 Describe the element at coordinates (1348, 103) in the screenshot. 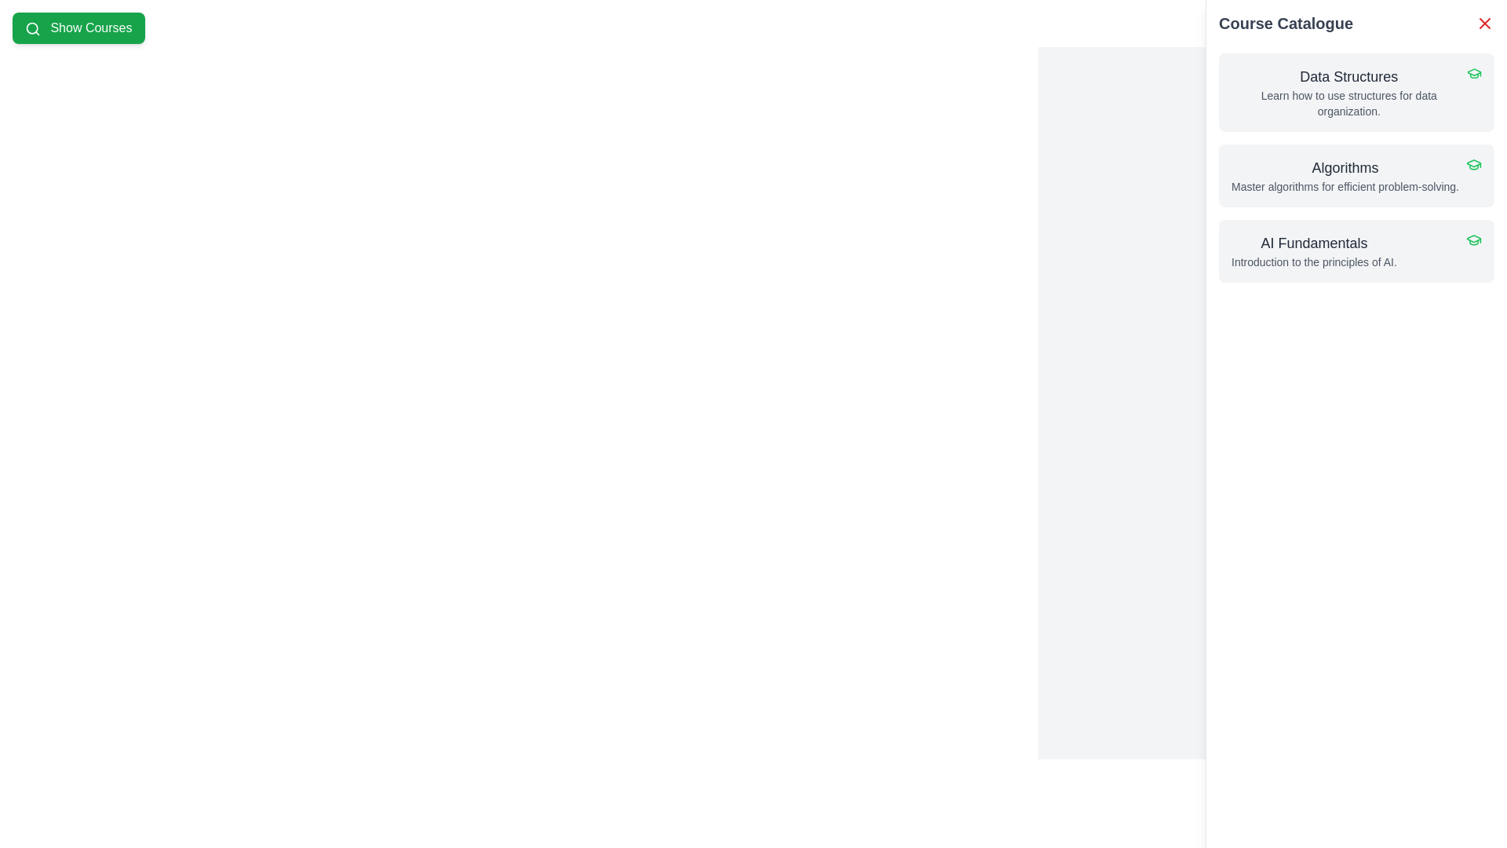

I see `description text label that provides context for the 'Data Structures' course, located directly beneath the course title` at that location.